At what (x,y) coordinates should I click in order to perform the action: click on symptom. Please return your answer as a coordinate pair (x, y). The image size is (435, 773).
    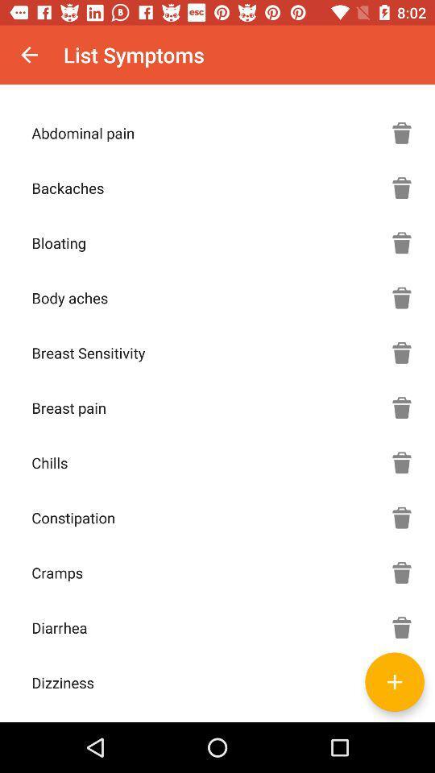
    Looking at the image, I should click on (401, 681).